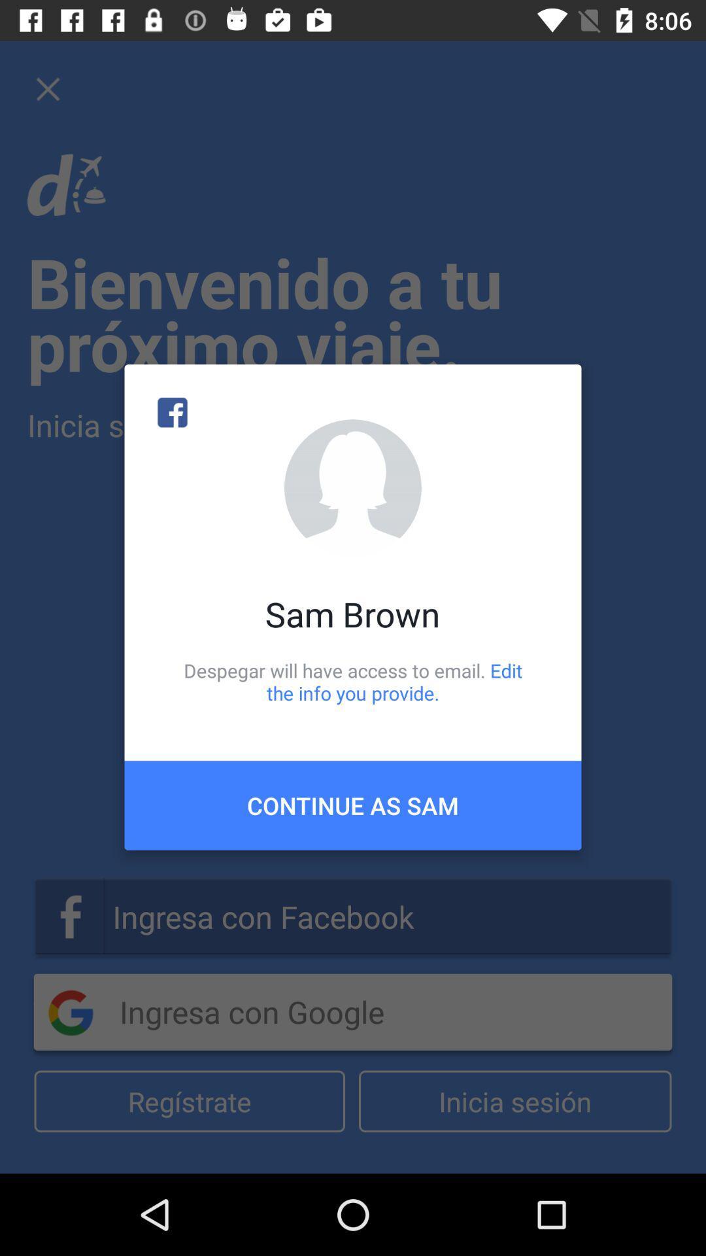  Describe the element at coordinates (353, 681) in the screenshot. I see `item below the sam brown` at that location.